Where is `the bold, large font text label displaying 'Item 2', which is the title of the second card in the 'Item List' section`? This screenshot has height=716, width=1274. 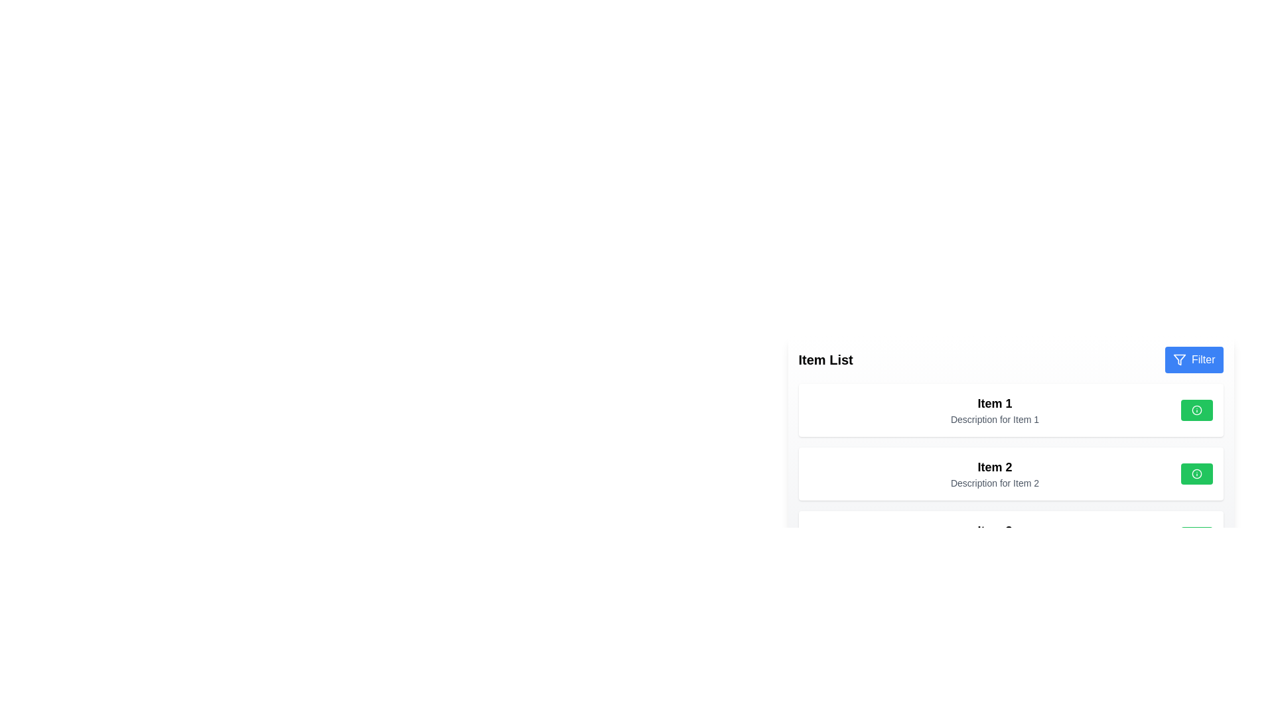 the bold, large font text label displaying 'Item 2', which is the title of the second card in the 'Item List' section is located at coordinates (995, 467).